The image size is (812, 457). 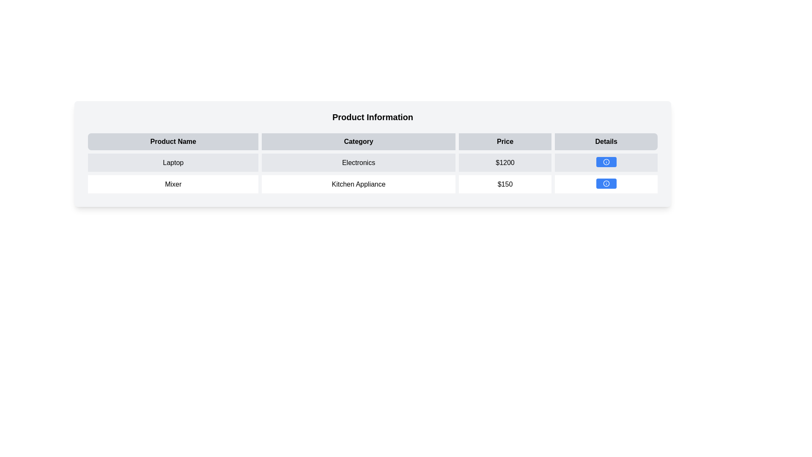 I want to click on the button in the 'Details' column of the first row associated with the 'Laptop' product, so click(x=606, y=162).